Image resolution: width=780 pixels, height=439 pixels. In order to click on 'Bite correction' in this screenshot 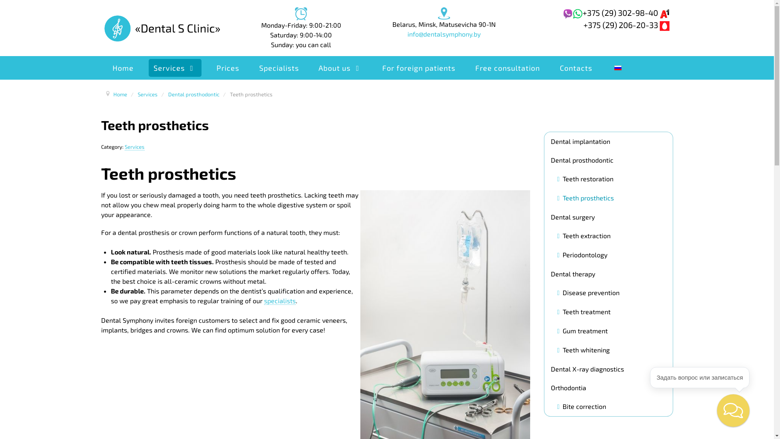, I will do `click(581, 406)`.